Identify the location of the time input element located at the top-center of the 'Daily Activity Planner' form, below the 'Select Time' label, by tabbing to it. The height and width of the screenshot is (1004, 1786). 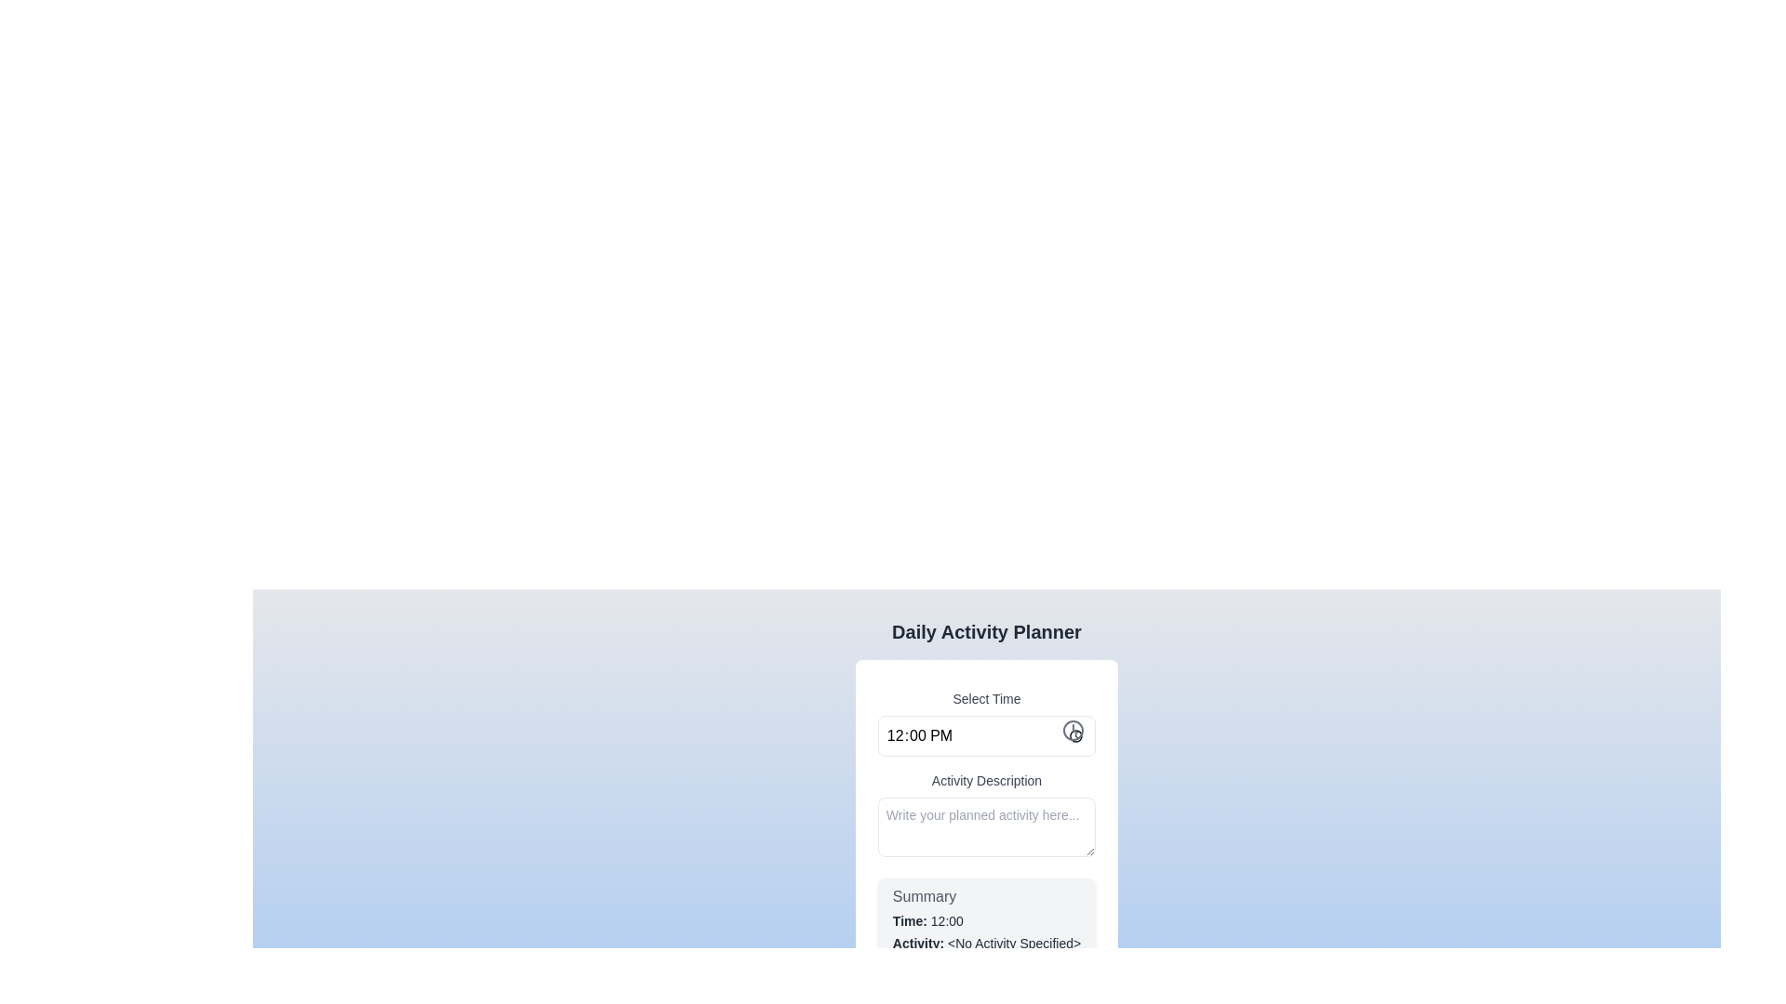
(985, 734).